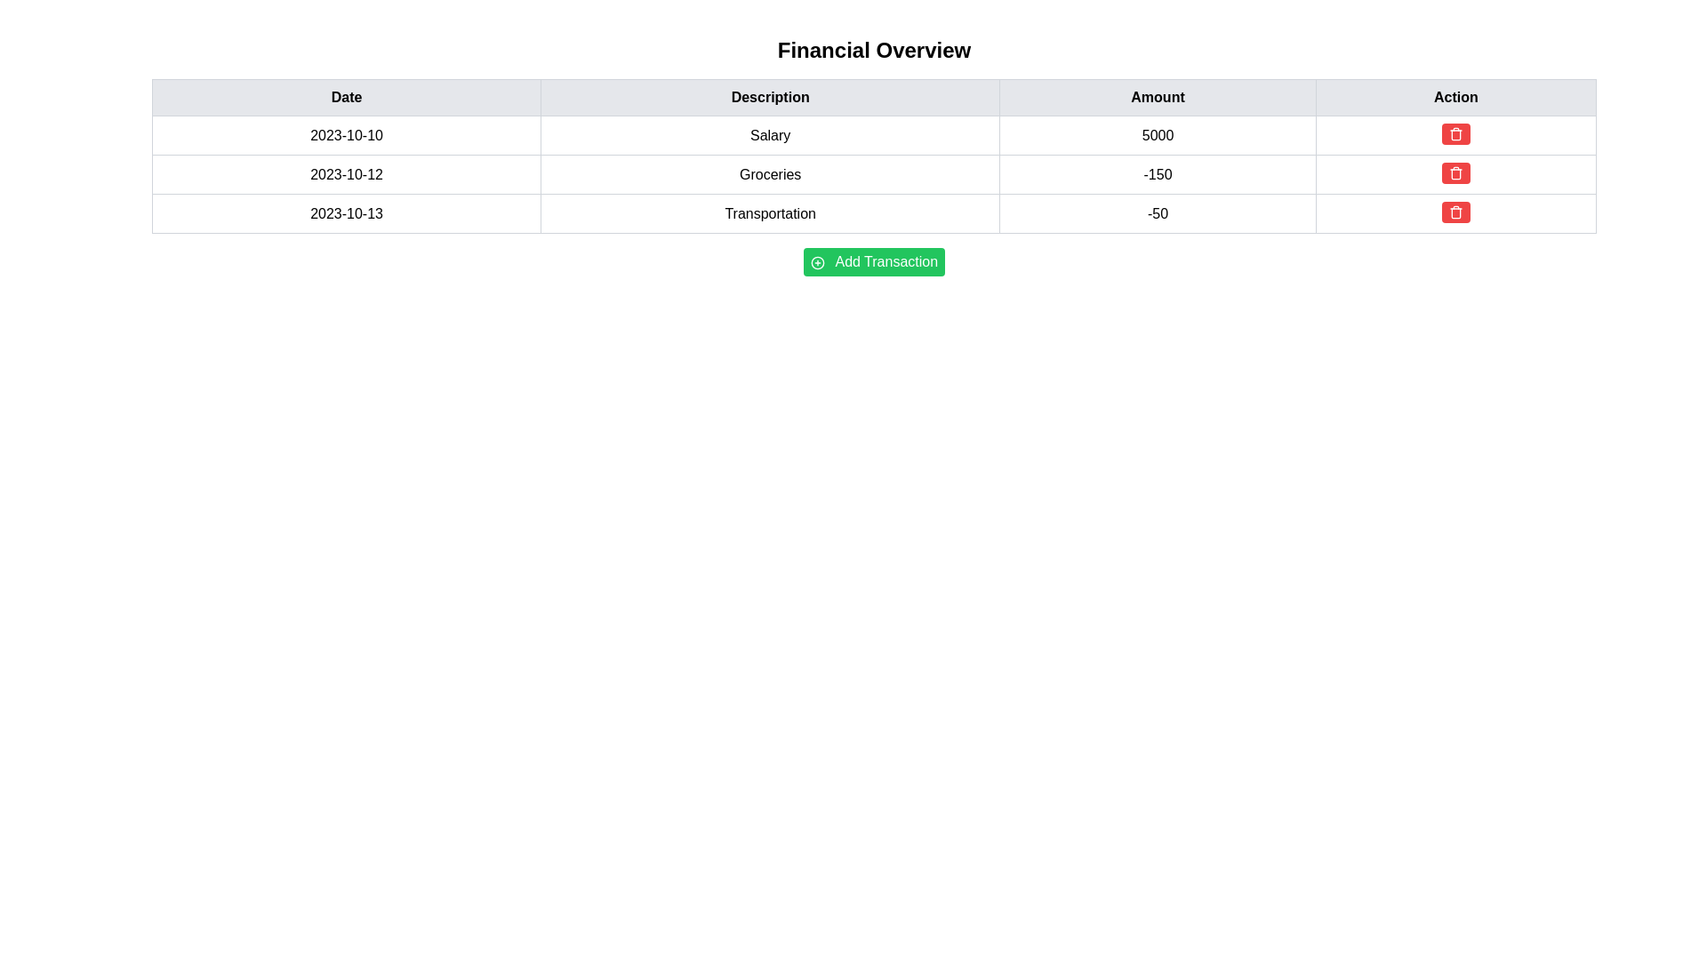  What do you see at coordinates (770, 134) in the screenshot?
I see `the 'Salary' text label, which is the second item in the row under the 'Description' column aligned with the date '2023-10-10'` at bounding box center [770, 134].